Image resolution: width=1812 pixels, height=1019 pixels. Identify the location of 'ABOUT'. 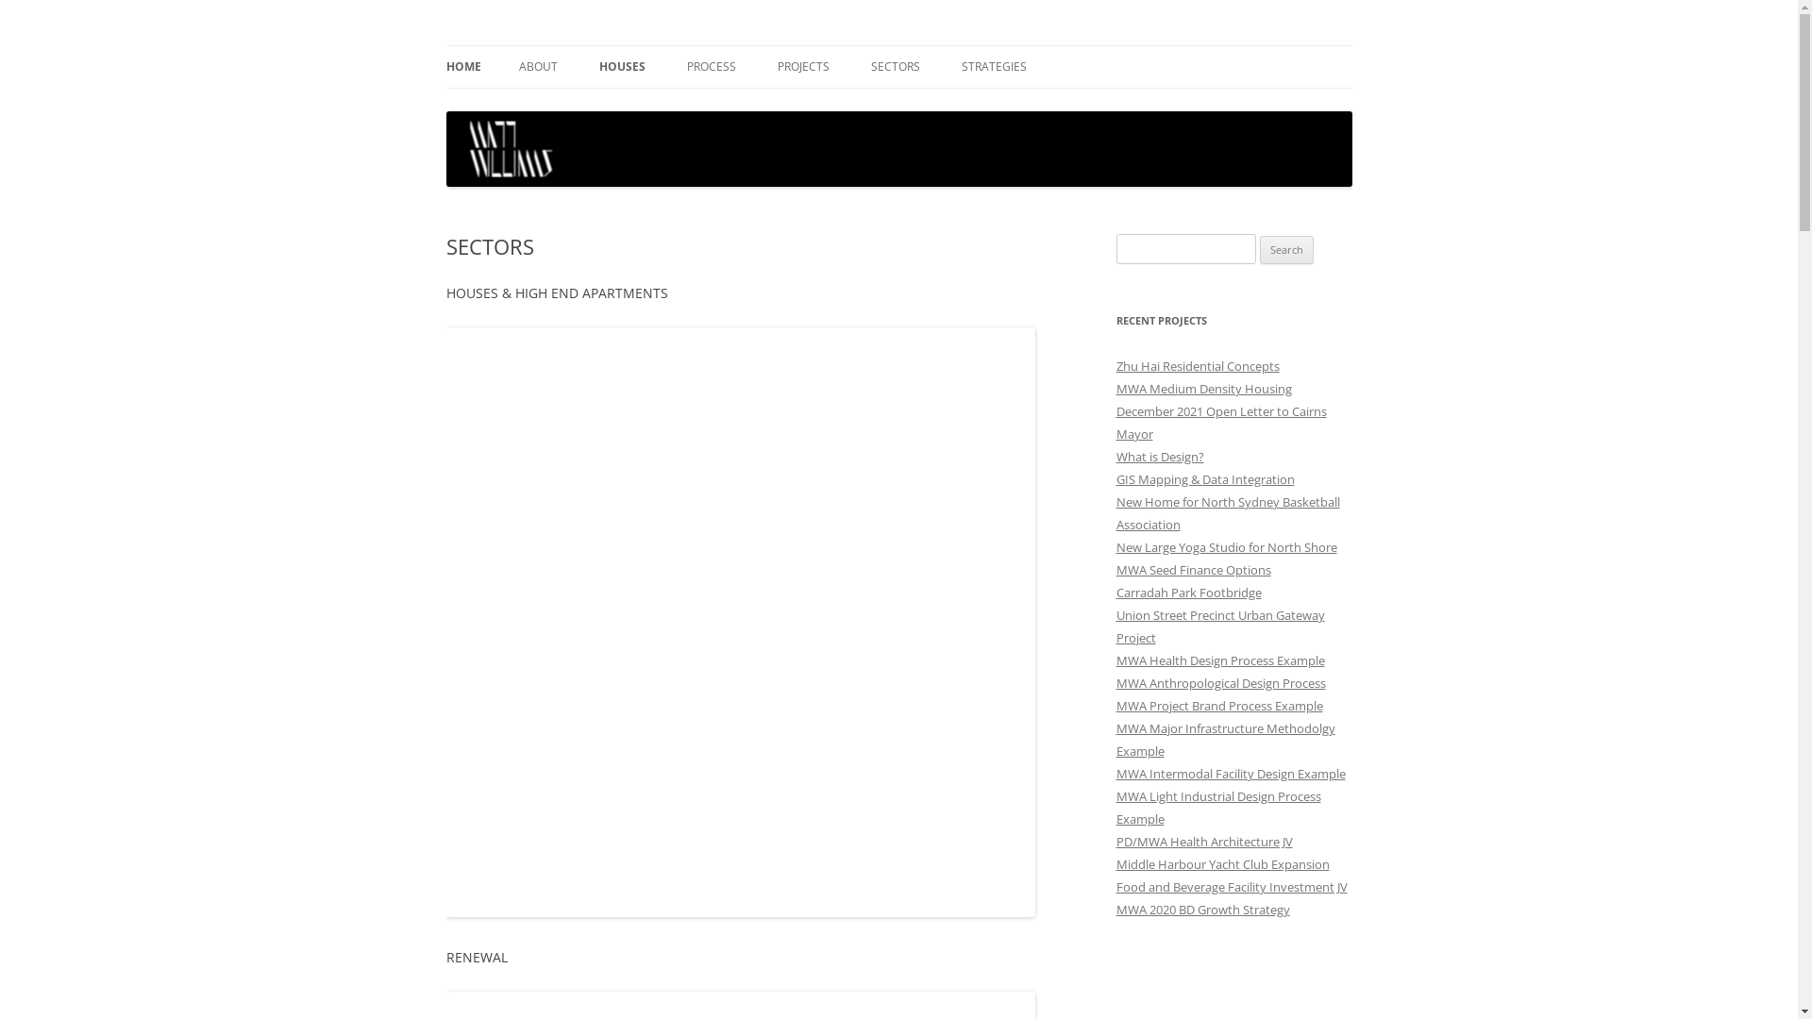
(537, 65).